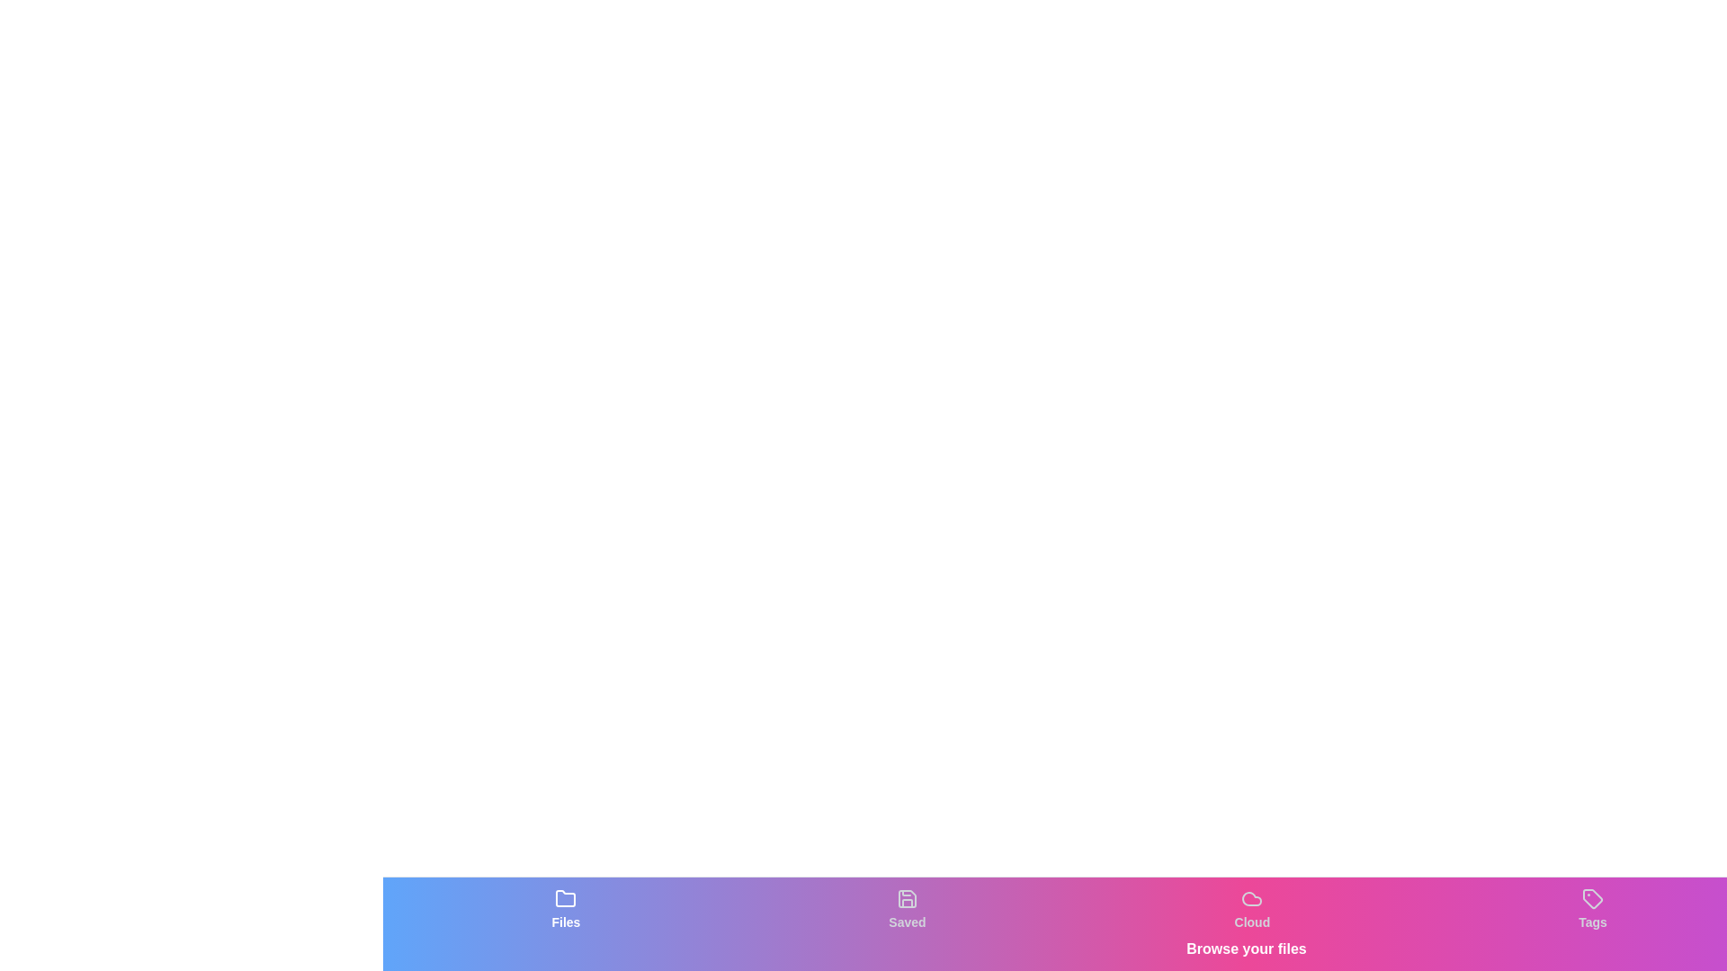 Image resolution: width=1727 pixels, height=971 pixels. I want to click on the tab labeled Cloud, so click(1251, 909).